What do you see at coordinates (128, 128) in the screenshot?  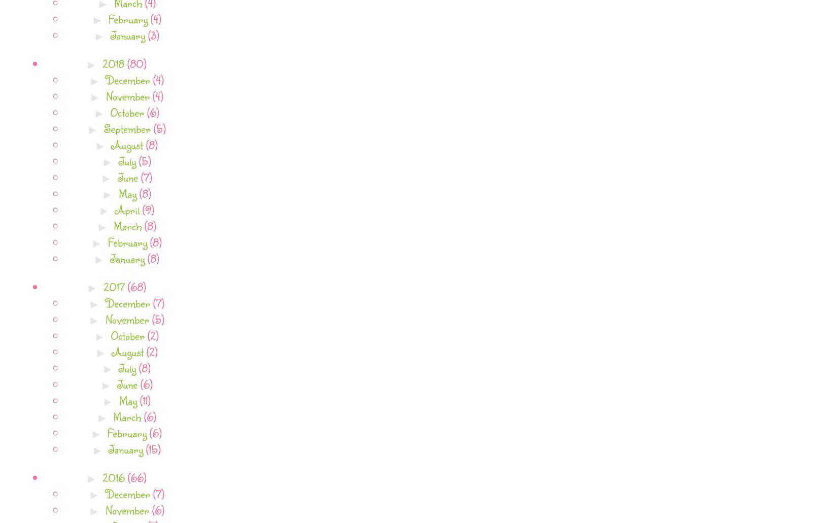 I see `'September'` at bounding box center [128, 128].